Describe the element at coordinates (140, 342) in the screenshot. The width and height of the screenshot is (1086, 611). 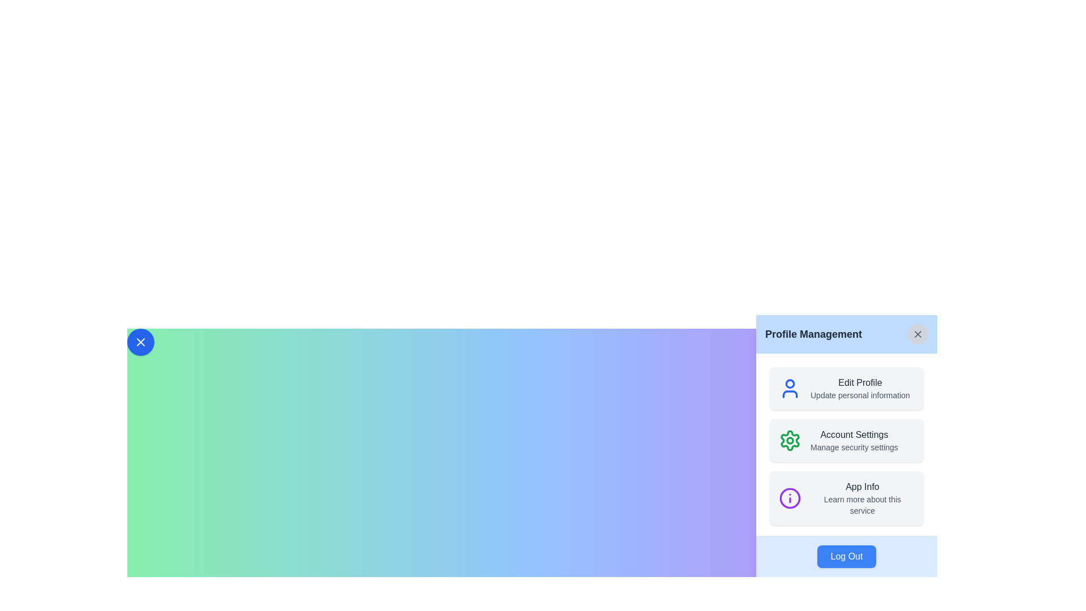
I see `the 'X' icon located in the top-left corner of the page` at that location.